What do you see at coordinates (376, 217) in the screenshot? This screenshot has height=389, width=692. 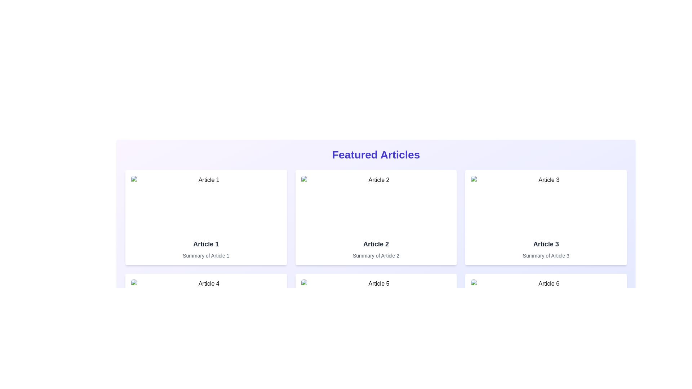 I see `to select the Card component representing the article preview labeled 'Article 2', which is the second card in a grid layout of articles` at bounding box center [376, 217].